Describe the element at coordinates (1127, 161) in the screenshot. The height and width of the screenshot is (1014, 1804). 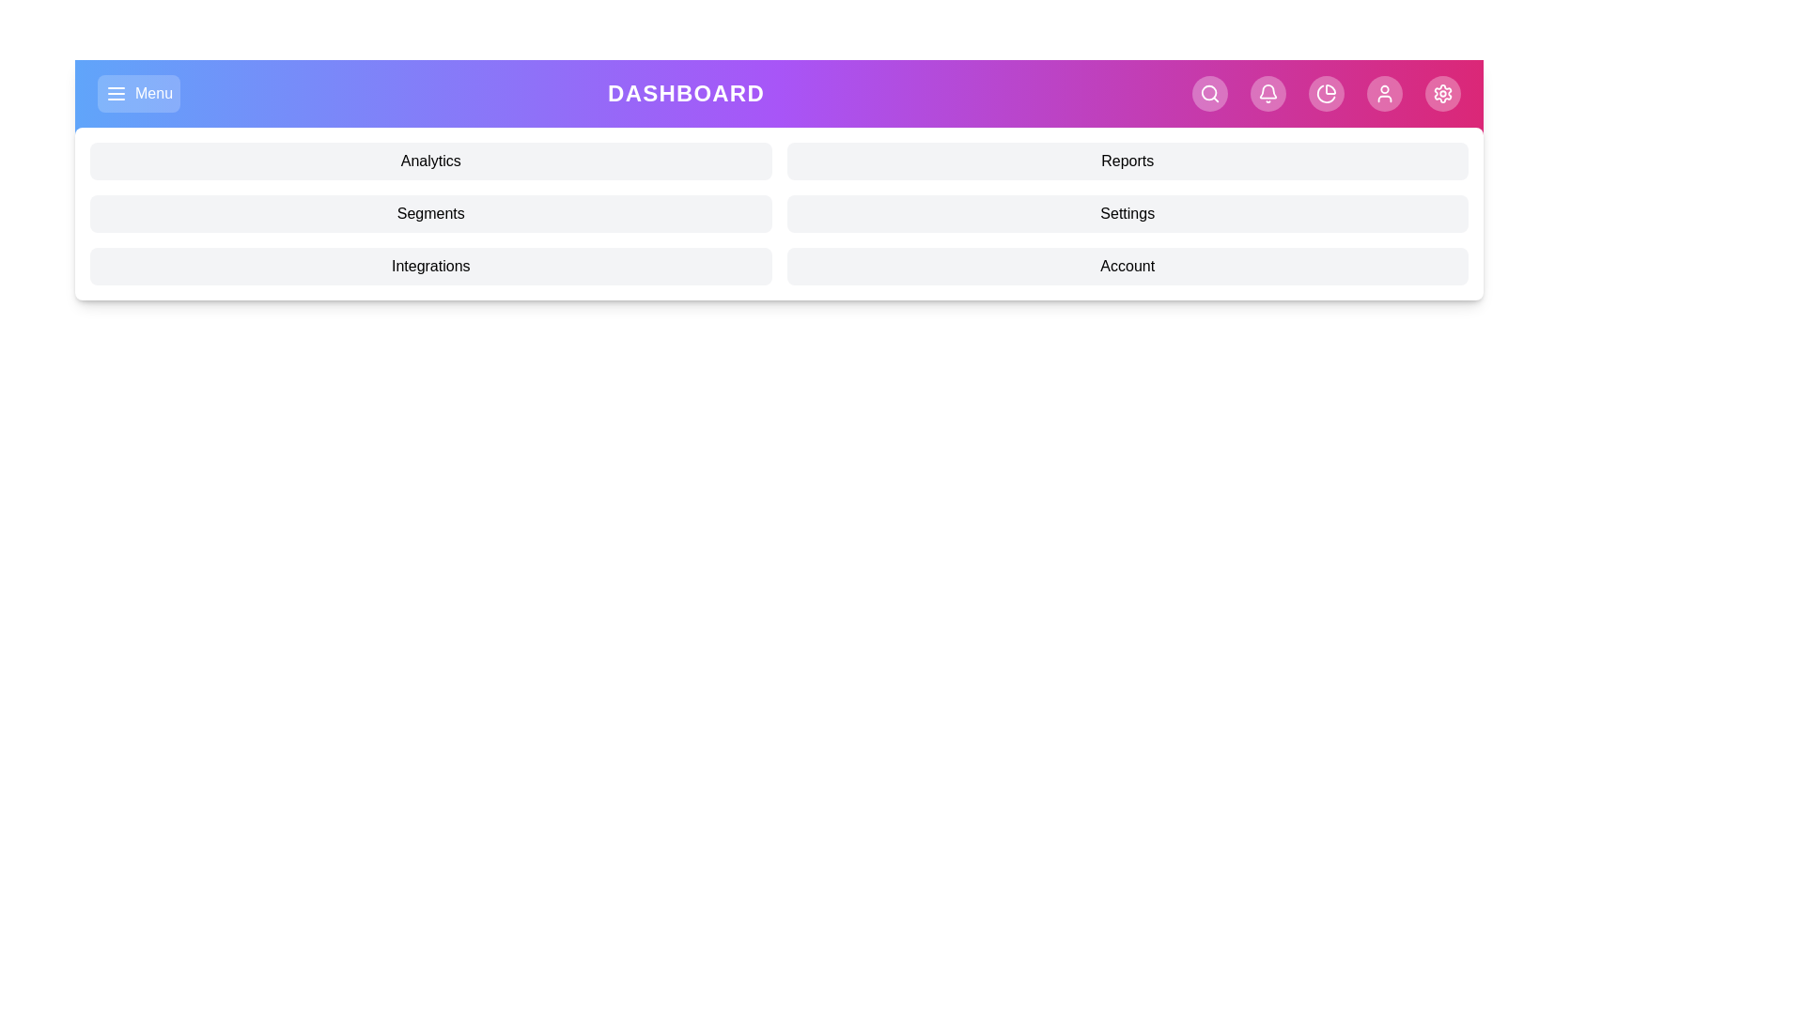
I see `the menu option Reports` at that location.